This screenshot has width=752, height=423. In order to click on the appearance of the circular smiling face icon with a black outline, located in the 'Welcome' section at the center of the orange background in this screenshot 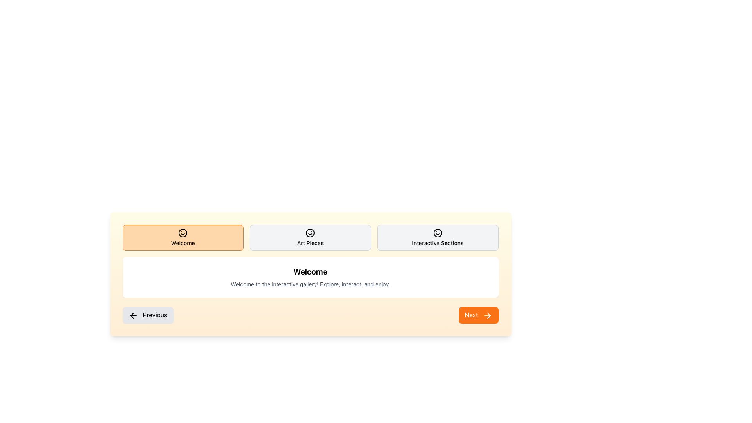, I will do `click(183, 232)`.